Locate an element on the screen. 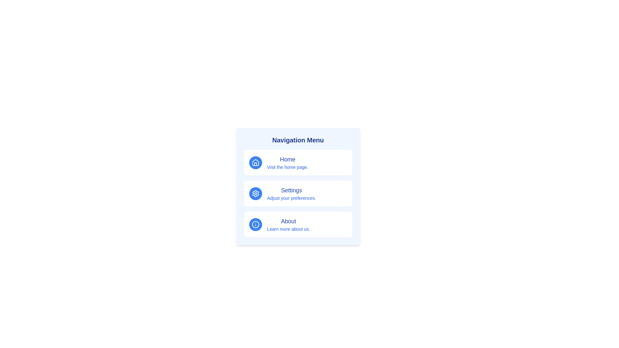 This screenshot has width=619, height=348. the 'Settings' text label in the Navigation Menu, which indicates the section for adjusting preferences, located above the subtitle 'Adjust your preferences.' is located at coordinates (291, 190).